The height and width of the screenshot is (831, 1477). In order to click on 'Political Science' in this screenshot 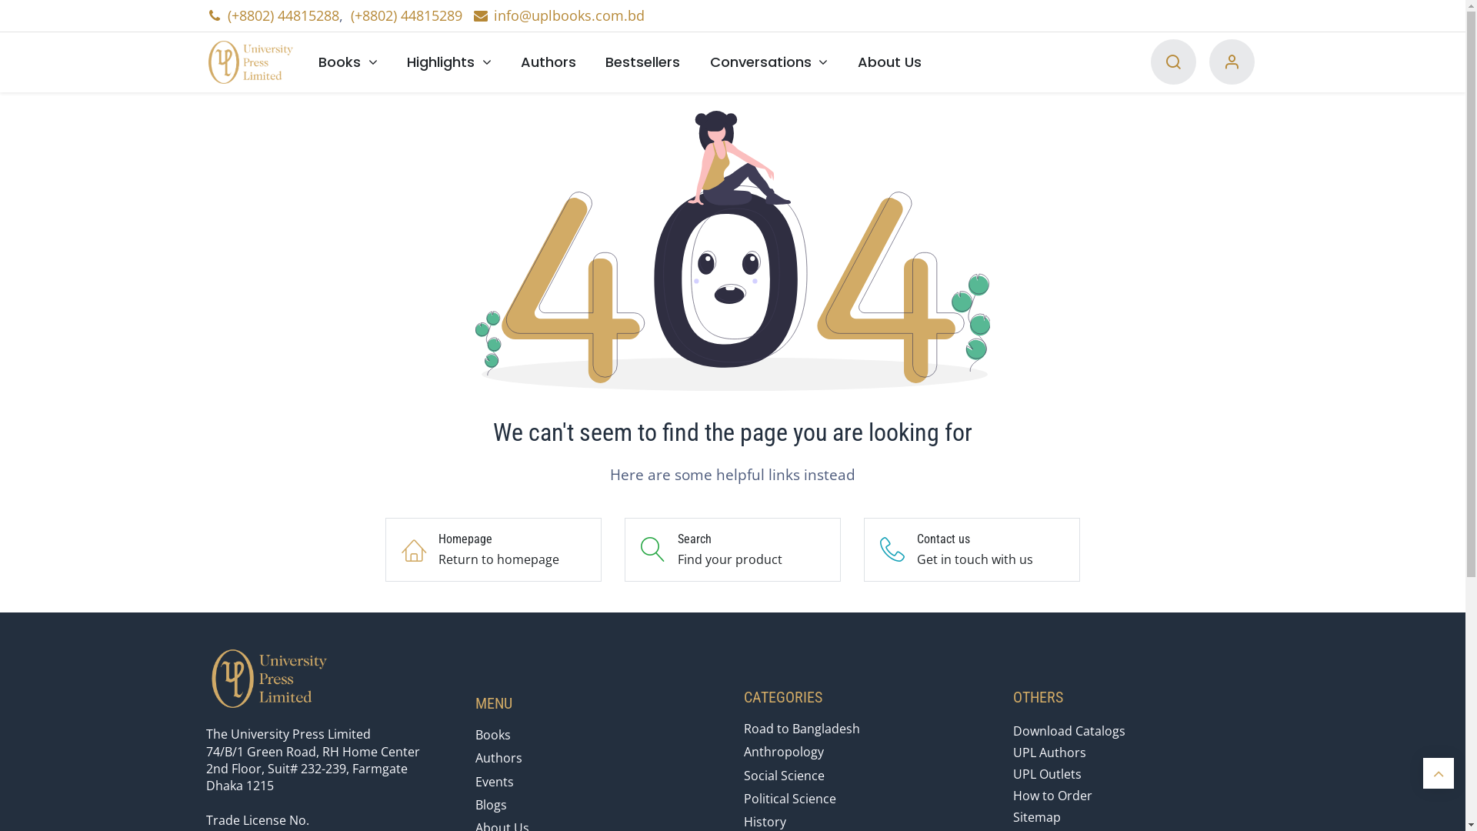, I will do `click(790, 797)`.